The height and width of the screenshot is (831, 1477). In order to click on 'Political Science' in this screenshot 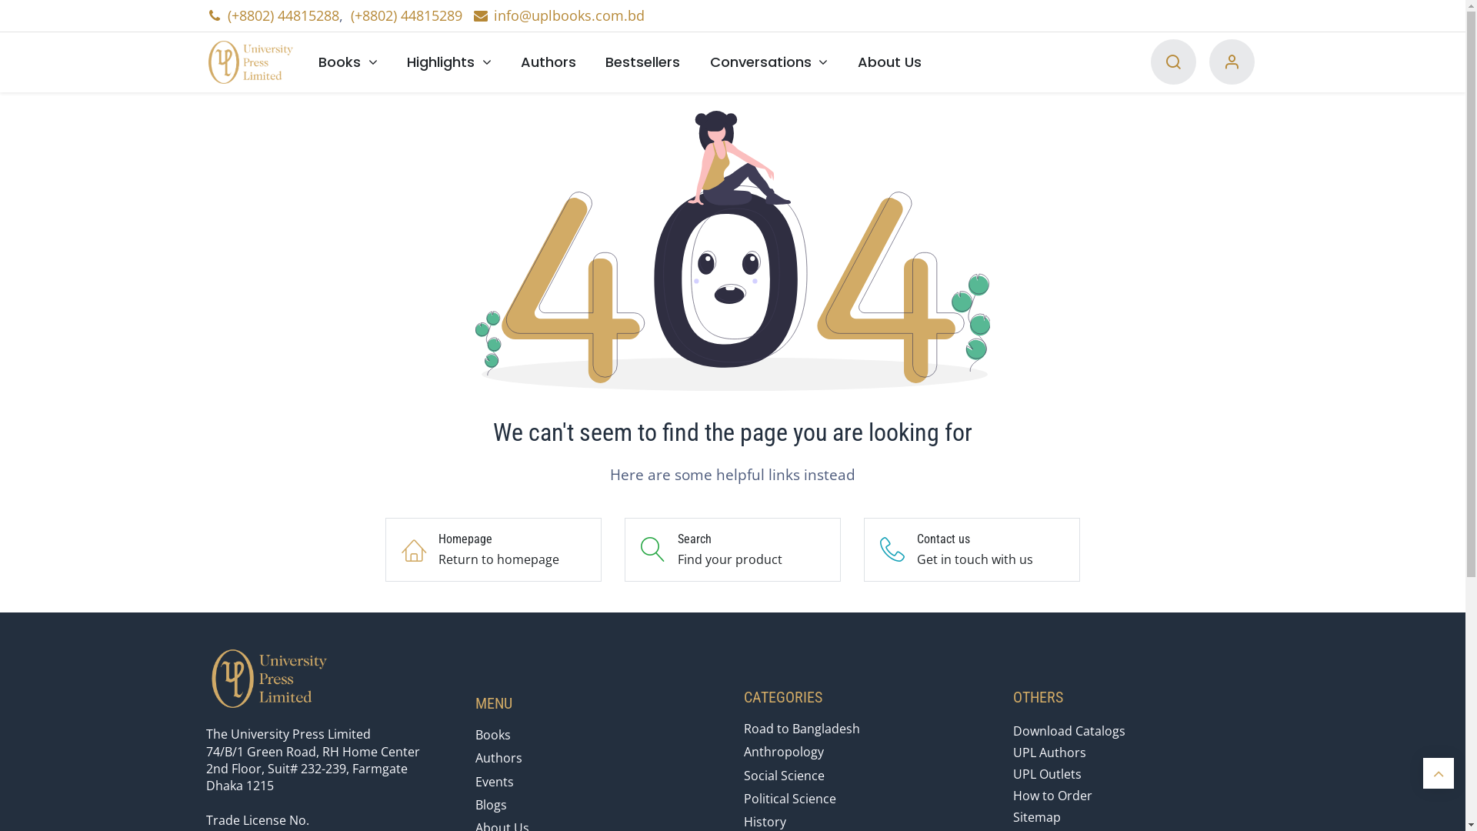, I will do `click(790, 797)`.